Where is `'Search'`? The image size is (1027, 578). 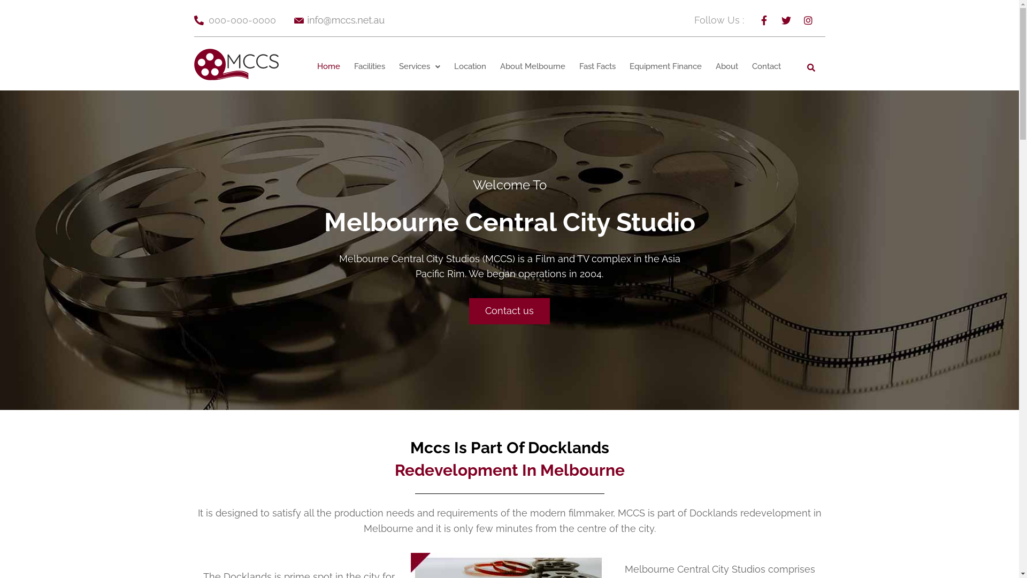
'Search' is located at coordinates (809, 66).